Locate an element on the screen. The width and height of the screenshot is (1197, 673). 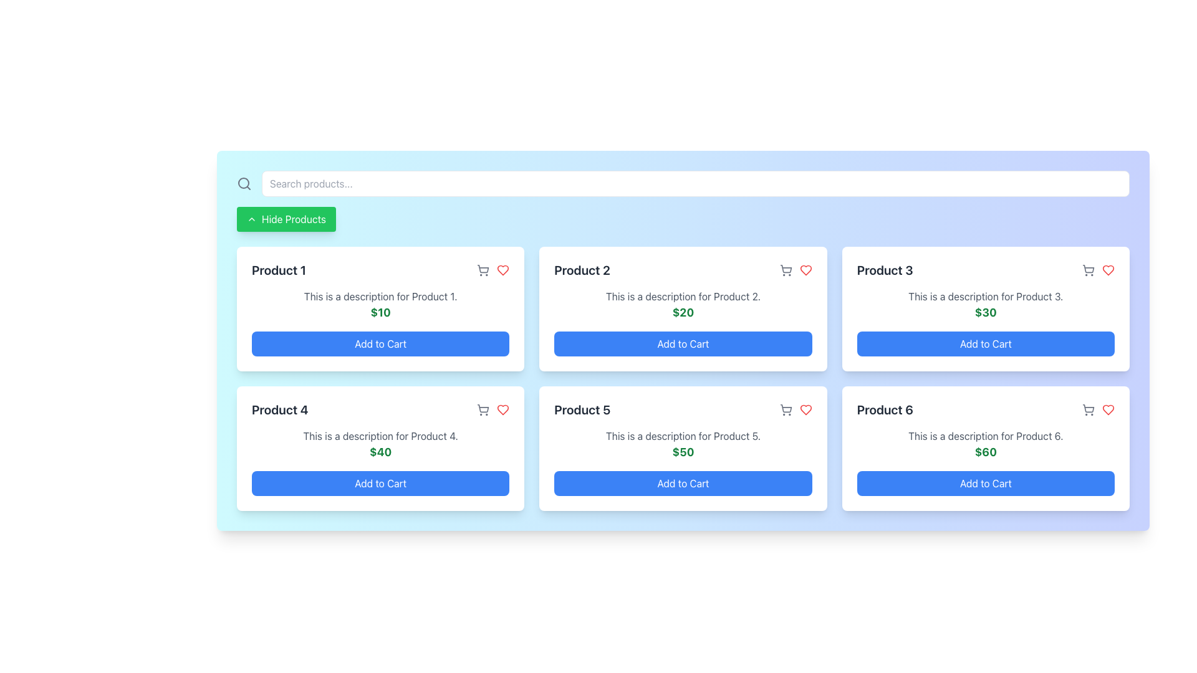
the favorite icon located in the top right corner of the first product card is located at coordinates (503, 270).